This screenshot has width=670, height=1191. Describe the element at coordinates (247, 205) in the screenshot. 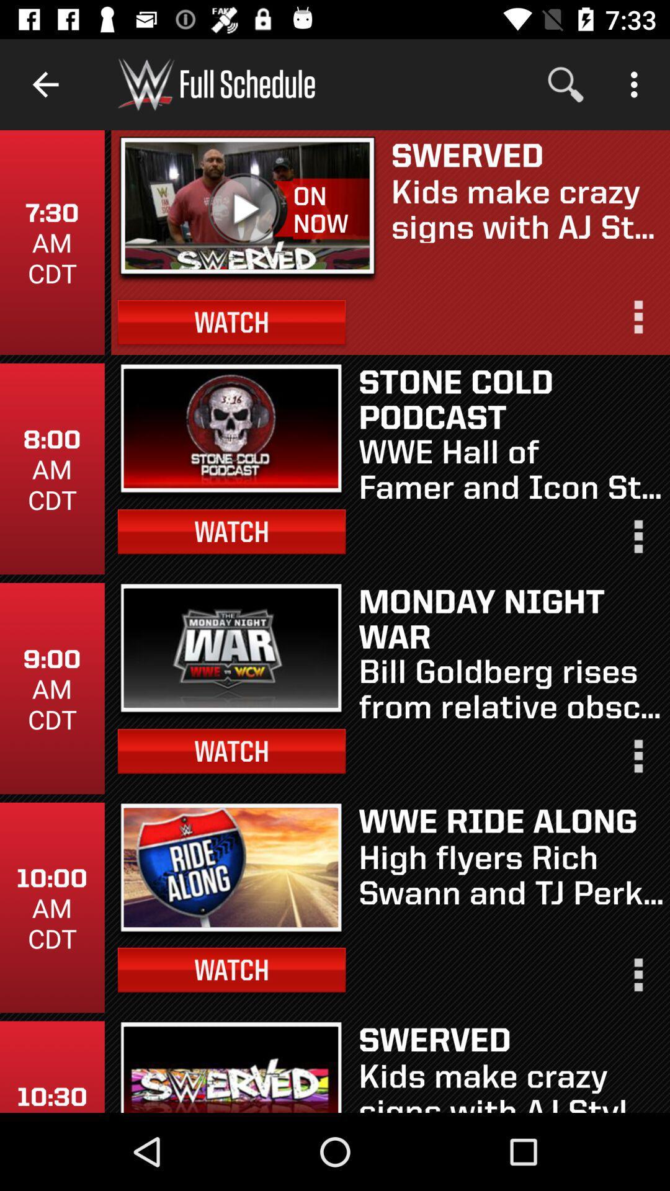

I see `the video` at that location.